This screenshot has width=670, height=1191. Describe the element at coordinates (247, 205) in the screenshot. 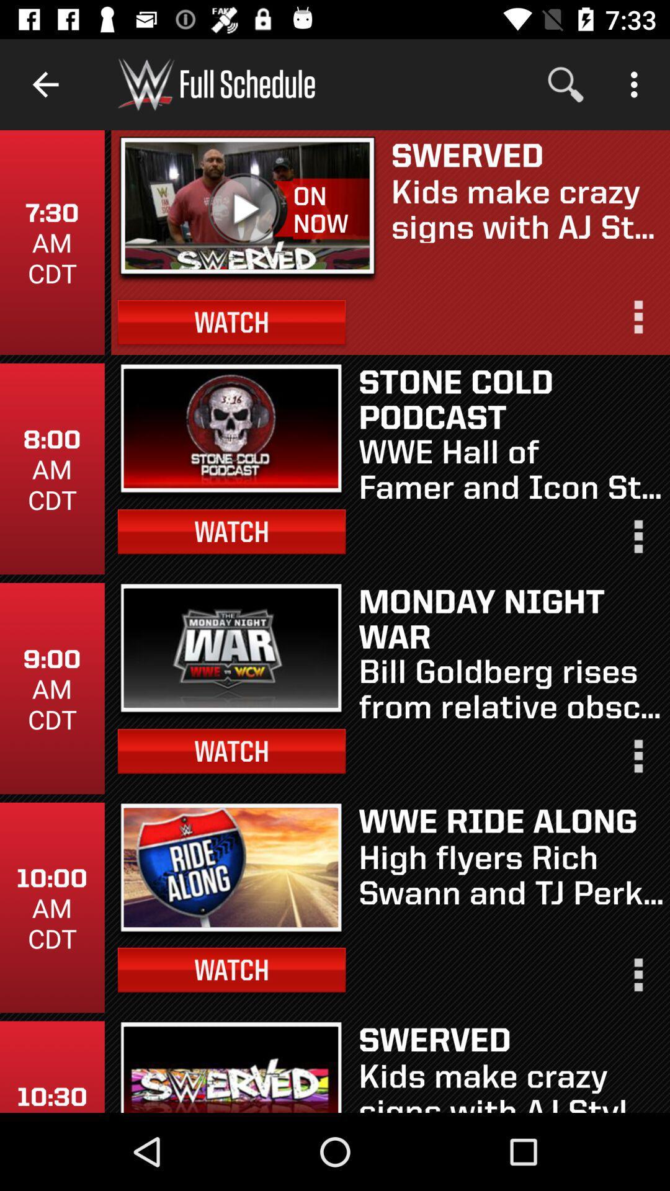

I see `the video` at that location.